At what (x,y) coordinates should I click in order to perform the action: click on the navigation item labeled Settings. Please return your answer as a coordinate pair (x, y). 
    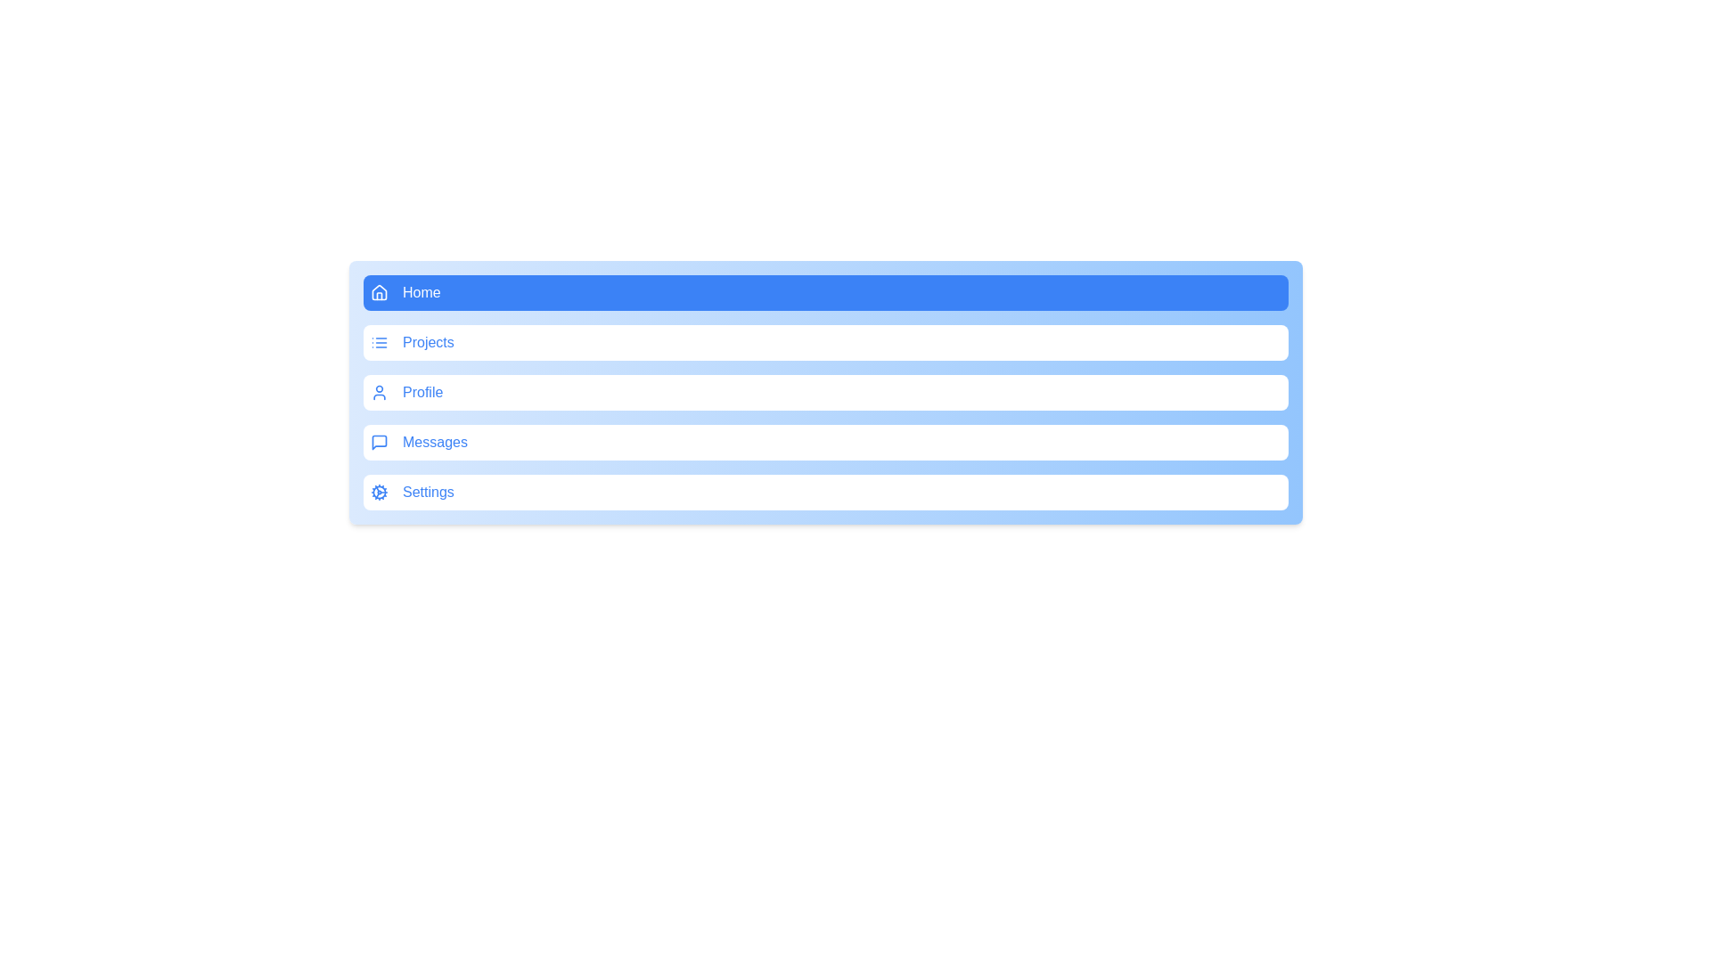
    Looking at the image, I should click on (824, 492).